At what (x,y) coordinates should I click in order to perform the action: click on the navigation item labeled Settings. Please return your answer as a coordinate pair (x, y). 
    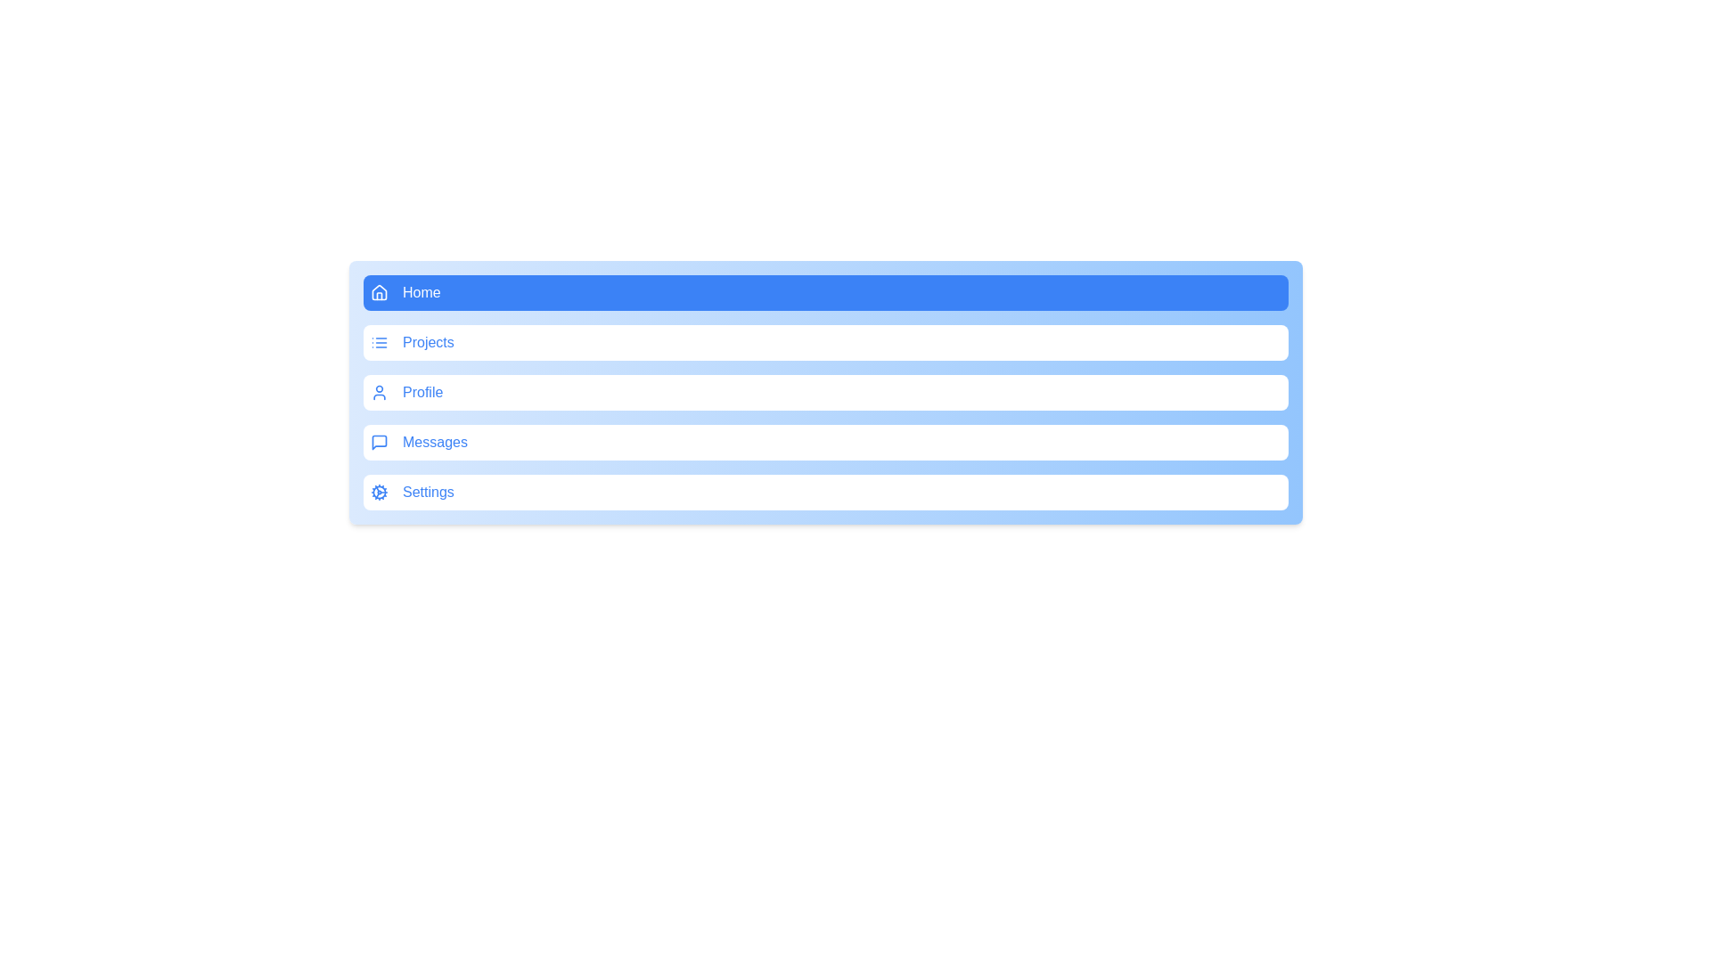
    Looking at the image, I should click on (824, 492).